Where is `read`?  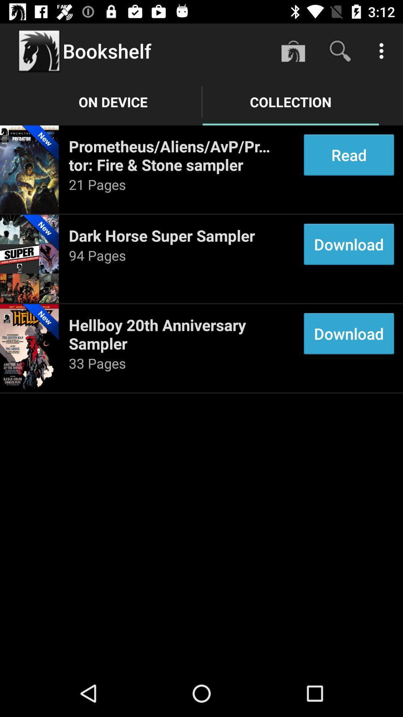 read is located at coordinates (349, 155).